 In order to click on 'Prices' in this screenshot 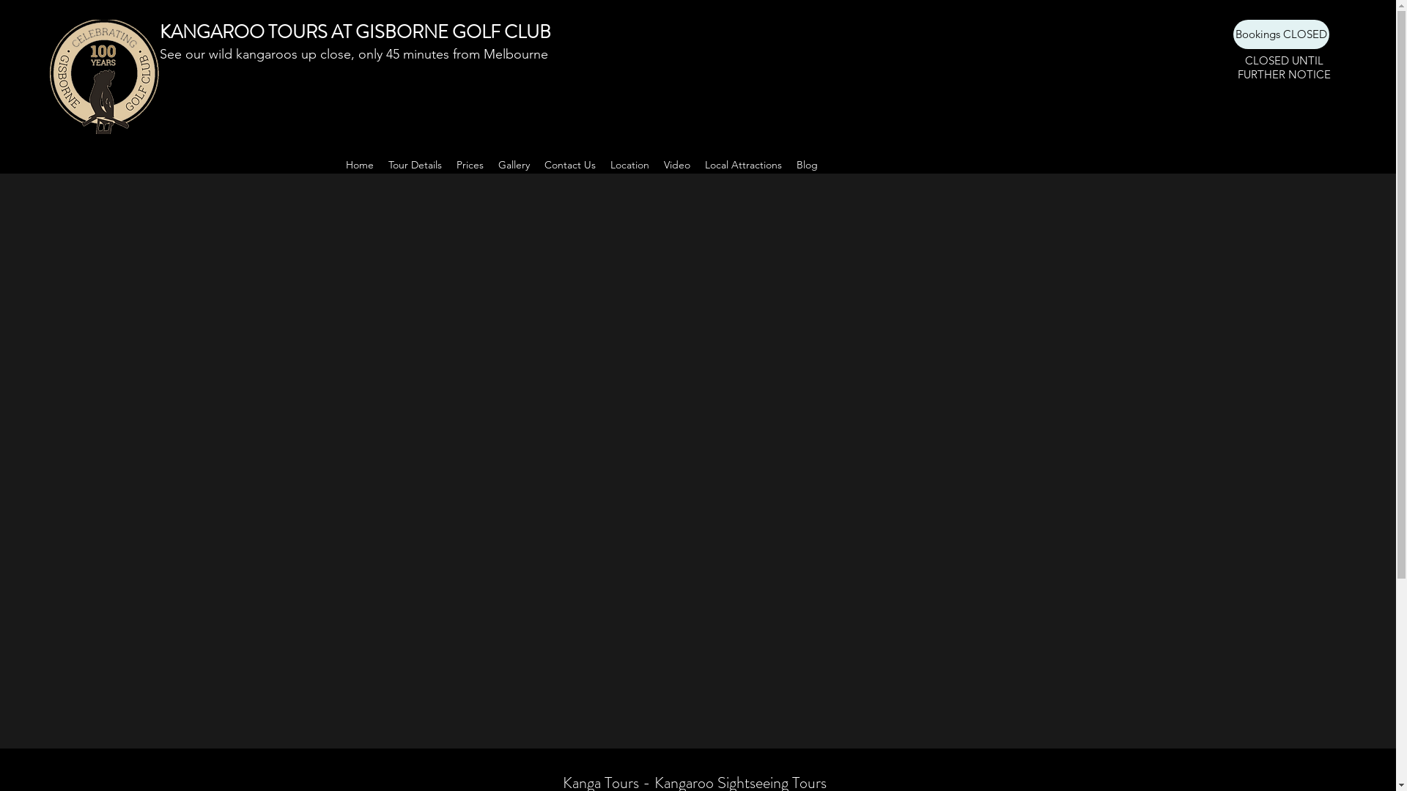, I will do `click(469, 164)`.